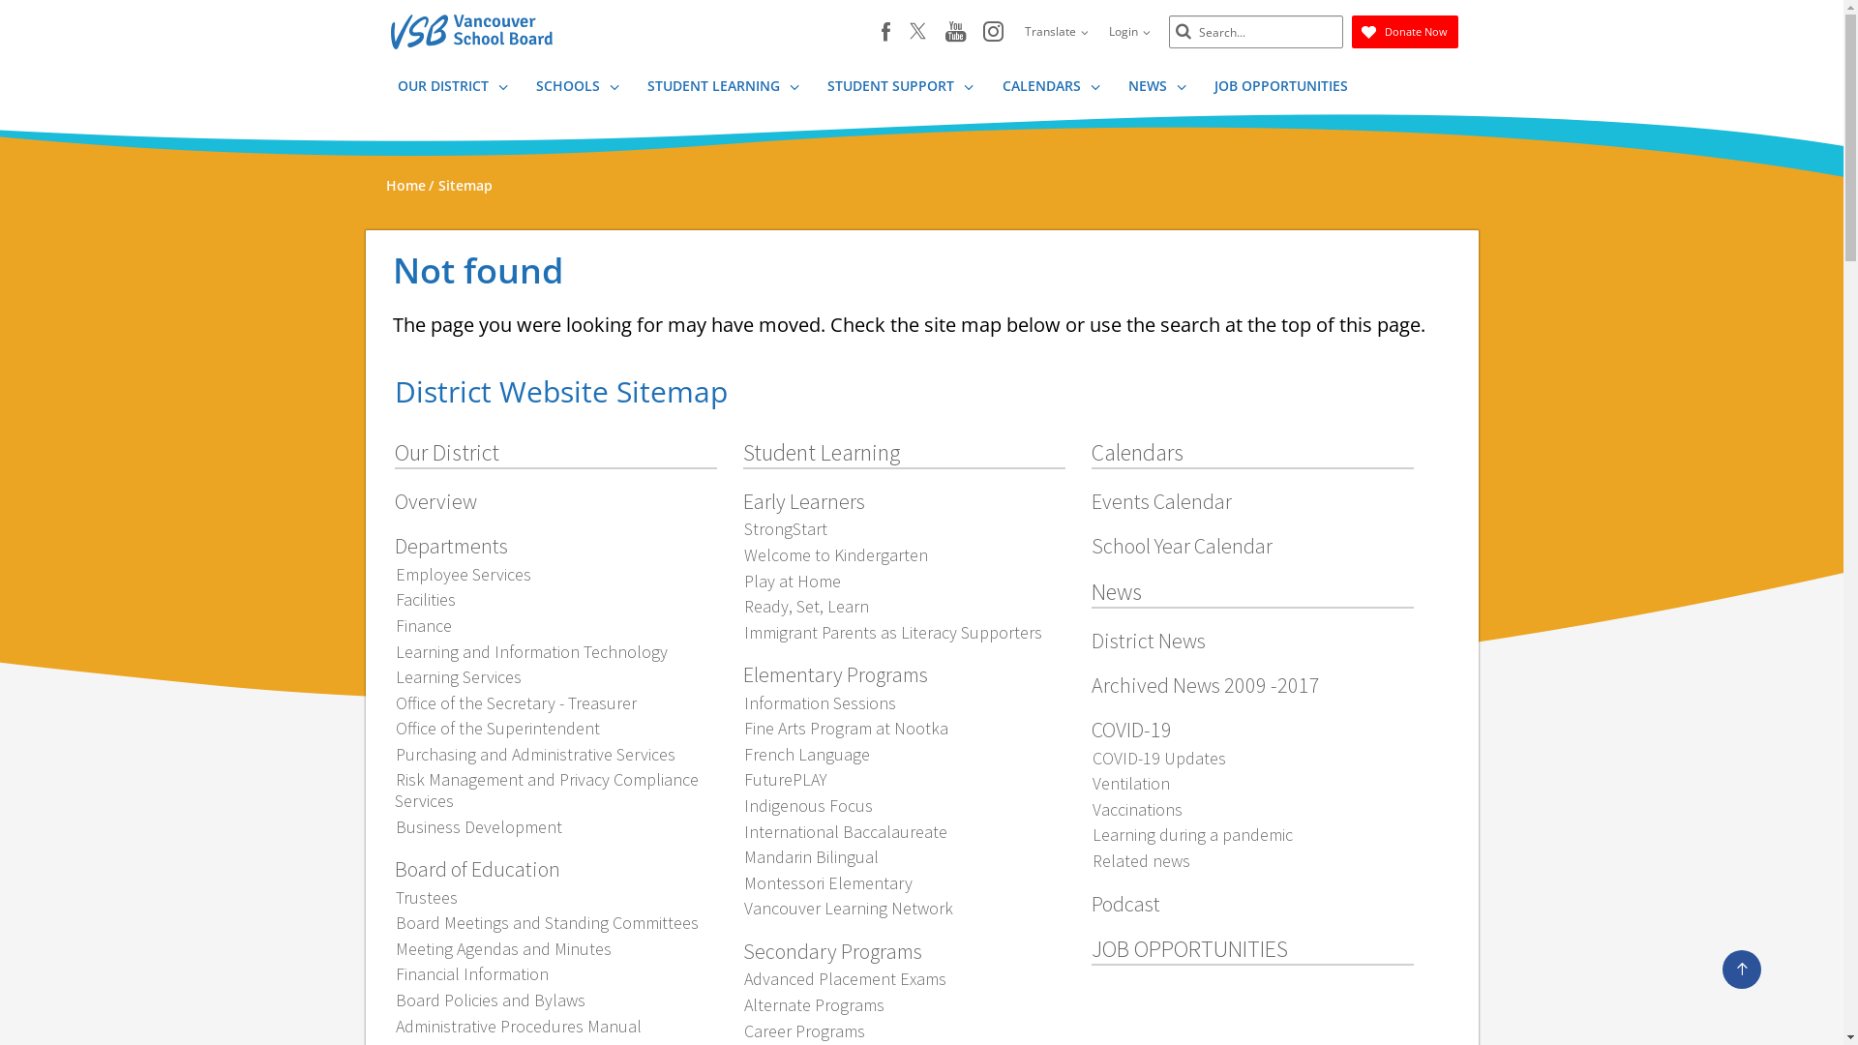  Describe the element at coordinates (1182, 32) in the screenshot. I see `'Submit'` at that location.